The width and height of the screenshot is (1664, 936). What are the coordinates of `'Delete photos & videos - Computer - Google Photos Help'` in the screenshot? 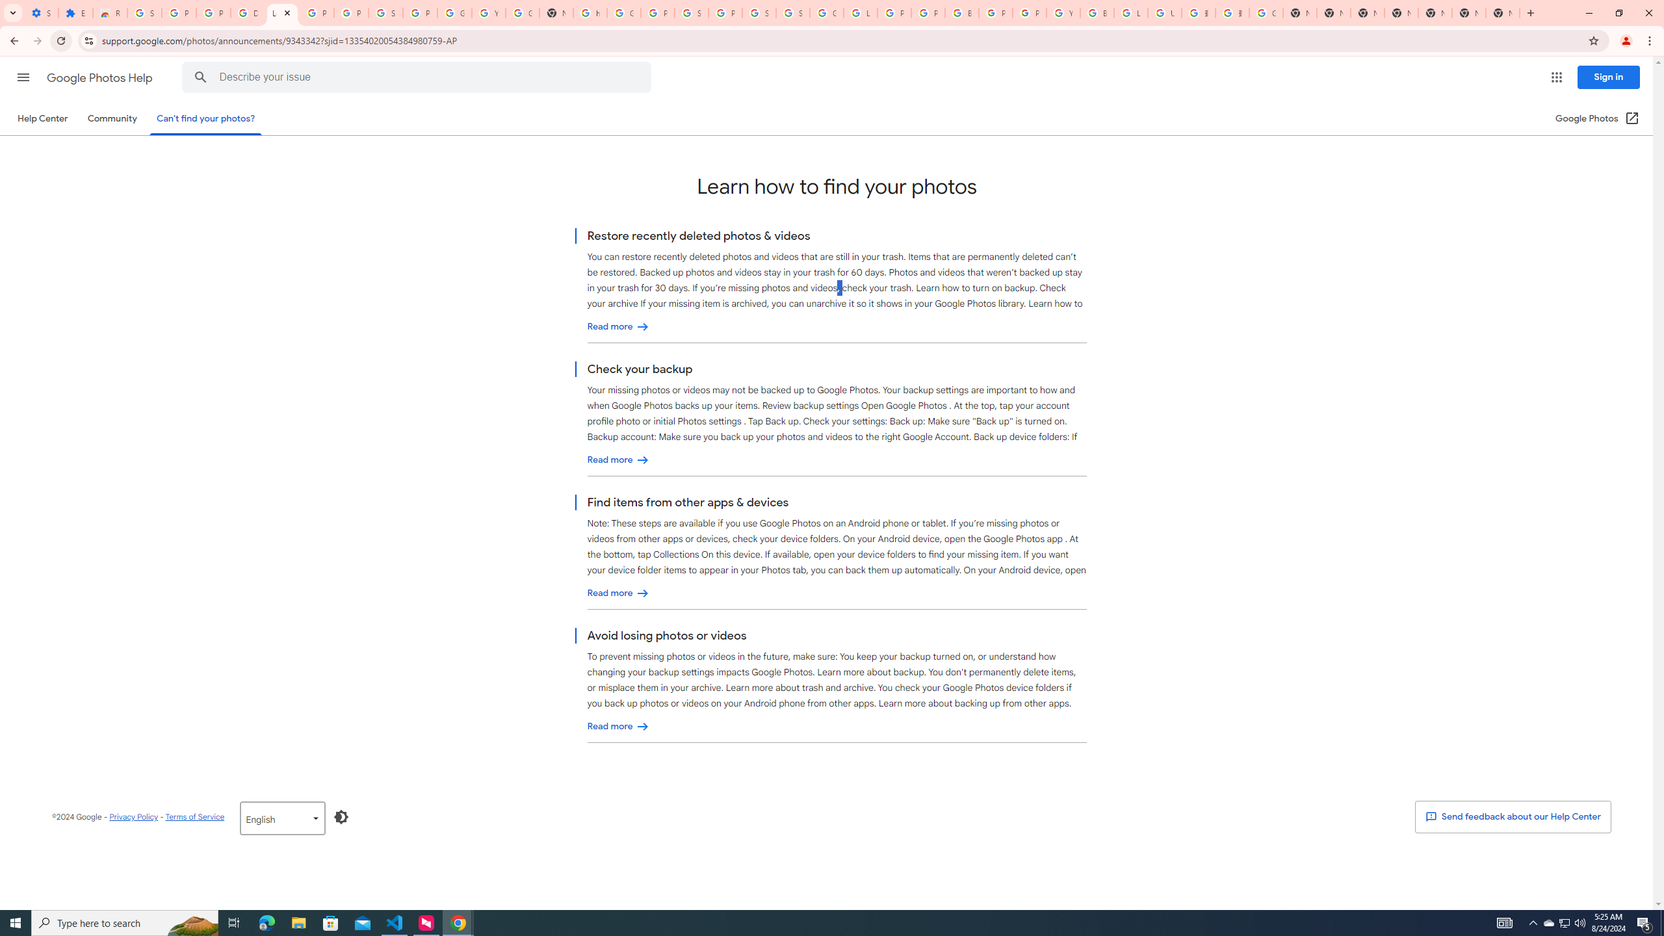 It's located at (247, 12).